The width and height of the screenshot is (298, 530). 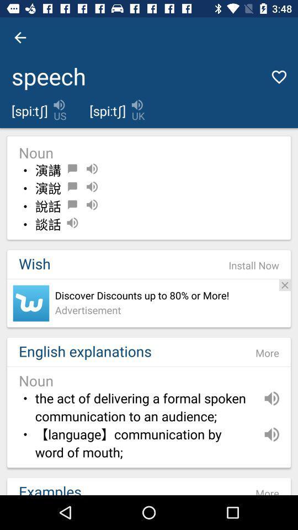 I want to click on the heart icon at the top right, so click(x=278, y=76).